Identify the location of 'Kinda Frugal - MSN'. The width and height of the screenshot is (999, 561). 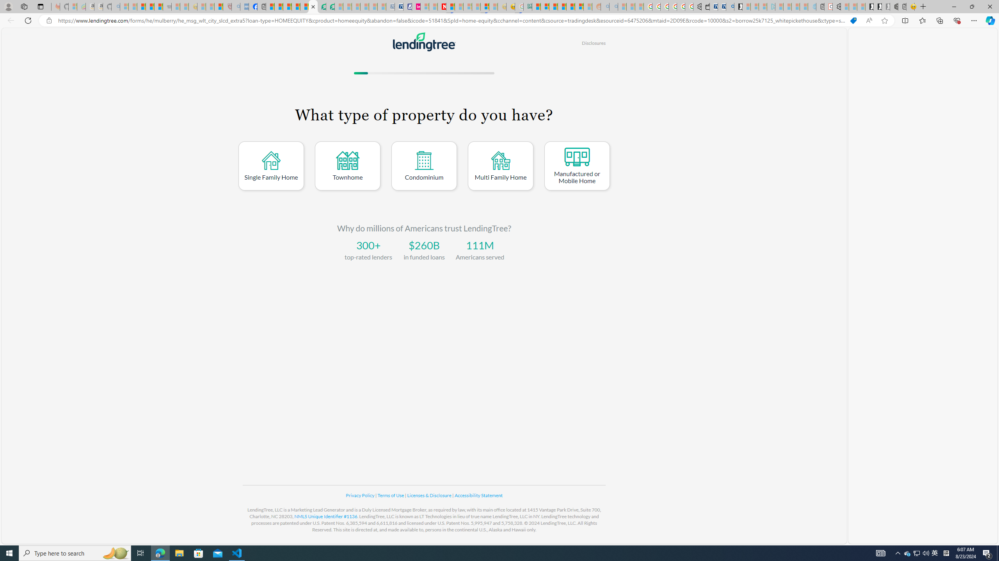
(571, 6).